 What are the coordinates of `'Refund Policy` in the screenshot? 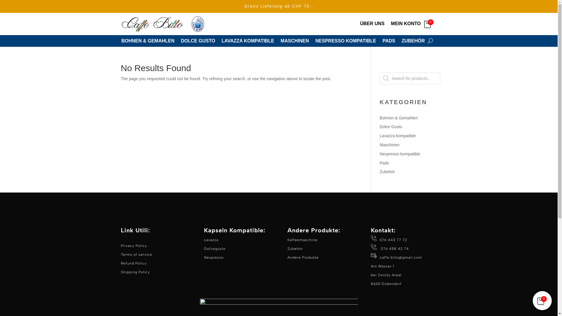 It's located at (135, 267).